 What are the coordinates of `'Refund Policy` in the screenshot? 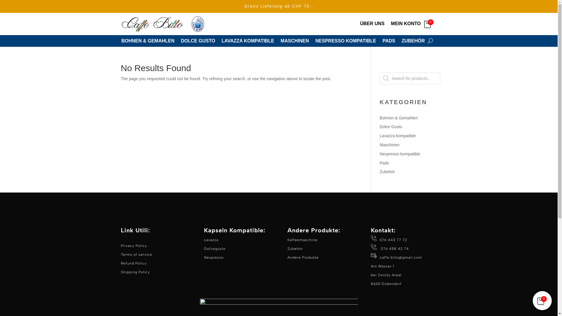 It's located at (135, 267).